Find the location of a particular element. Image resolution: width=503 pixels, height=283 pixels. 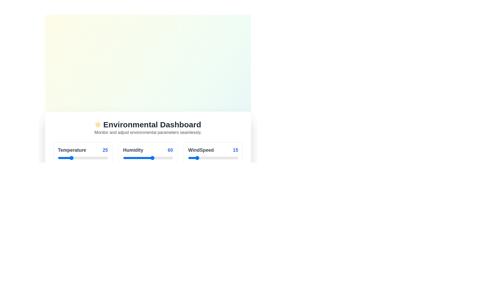

the 'Humidity' label text located centrally under the 'Environmental Dashboard' section, positioned between 'Temperature' and 'WindSpeed', and above the numeric value '60' is located at coordinates (133, 150).